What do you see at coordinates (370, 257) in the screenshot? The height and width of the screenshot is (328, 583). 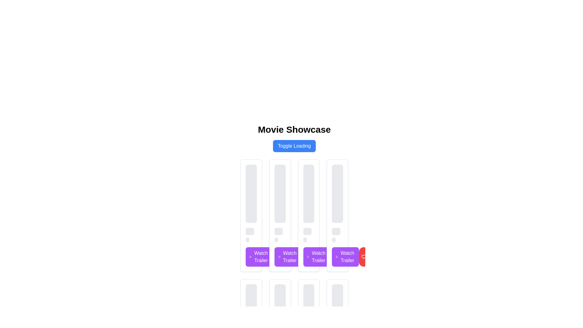 I see `the red circular button with a white heart-shaped icon located to the right of the purple 'Watch Trailer' button in the last column of the row` at bounding box center [370, 257].